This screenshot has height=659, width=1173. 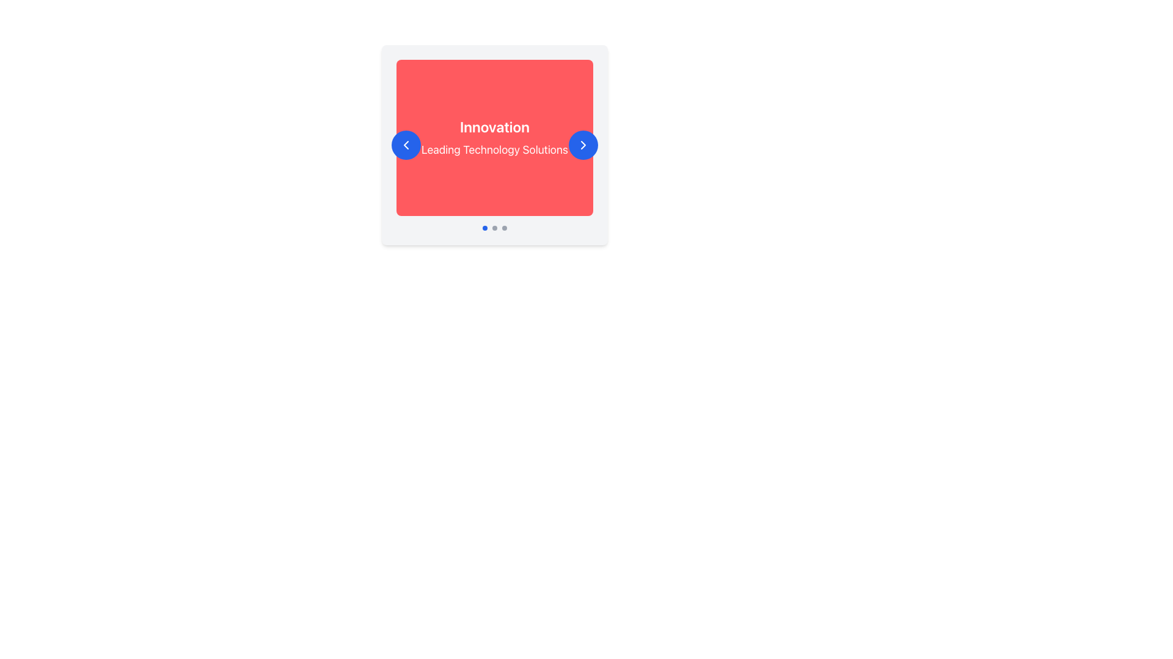 What do you see at coordinates (406, 145) in the screenshot?
I see `the circular blue button with a white leftward-pointing chevron icon, which is the first navigation button located on the left side of the interface` at bounding box center [406, 145].